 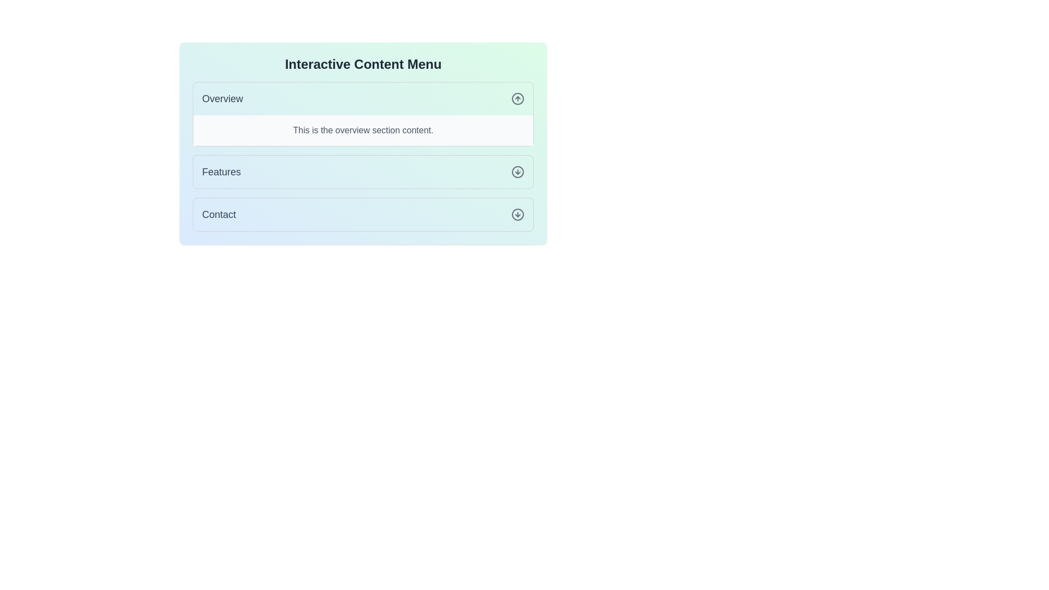 I want to click on the text display element that reads 'This is the overview section content.' which is located in the 'Overview' section of the interface, directly below the 'Overview' header, so click(x=363, y=130).